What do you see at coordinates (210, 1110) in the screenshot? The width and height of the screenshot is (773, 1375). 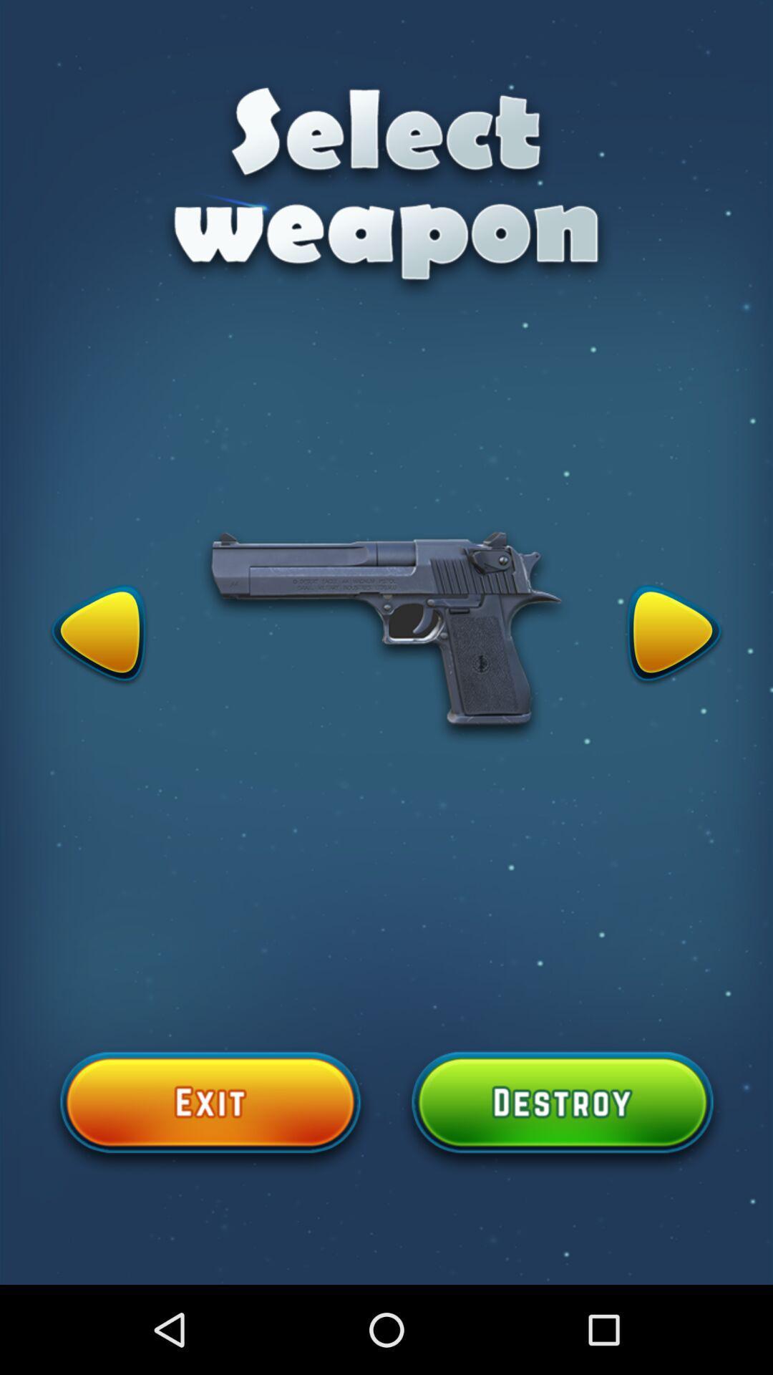 I see `exit button` at bounding box center [210, 1110].